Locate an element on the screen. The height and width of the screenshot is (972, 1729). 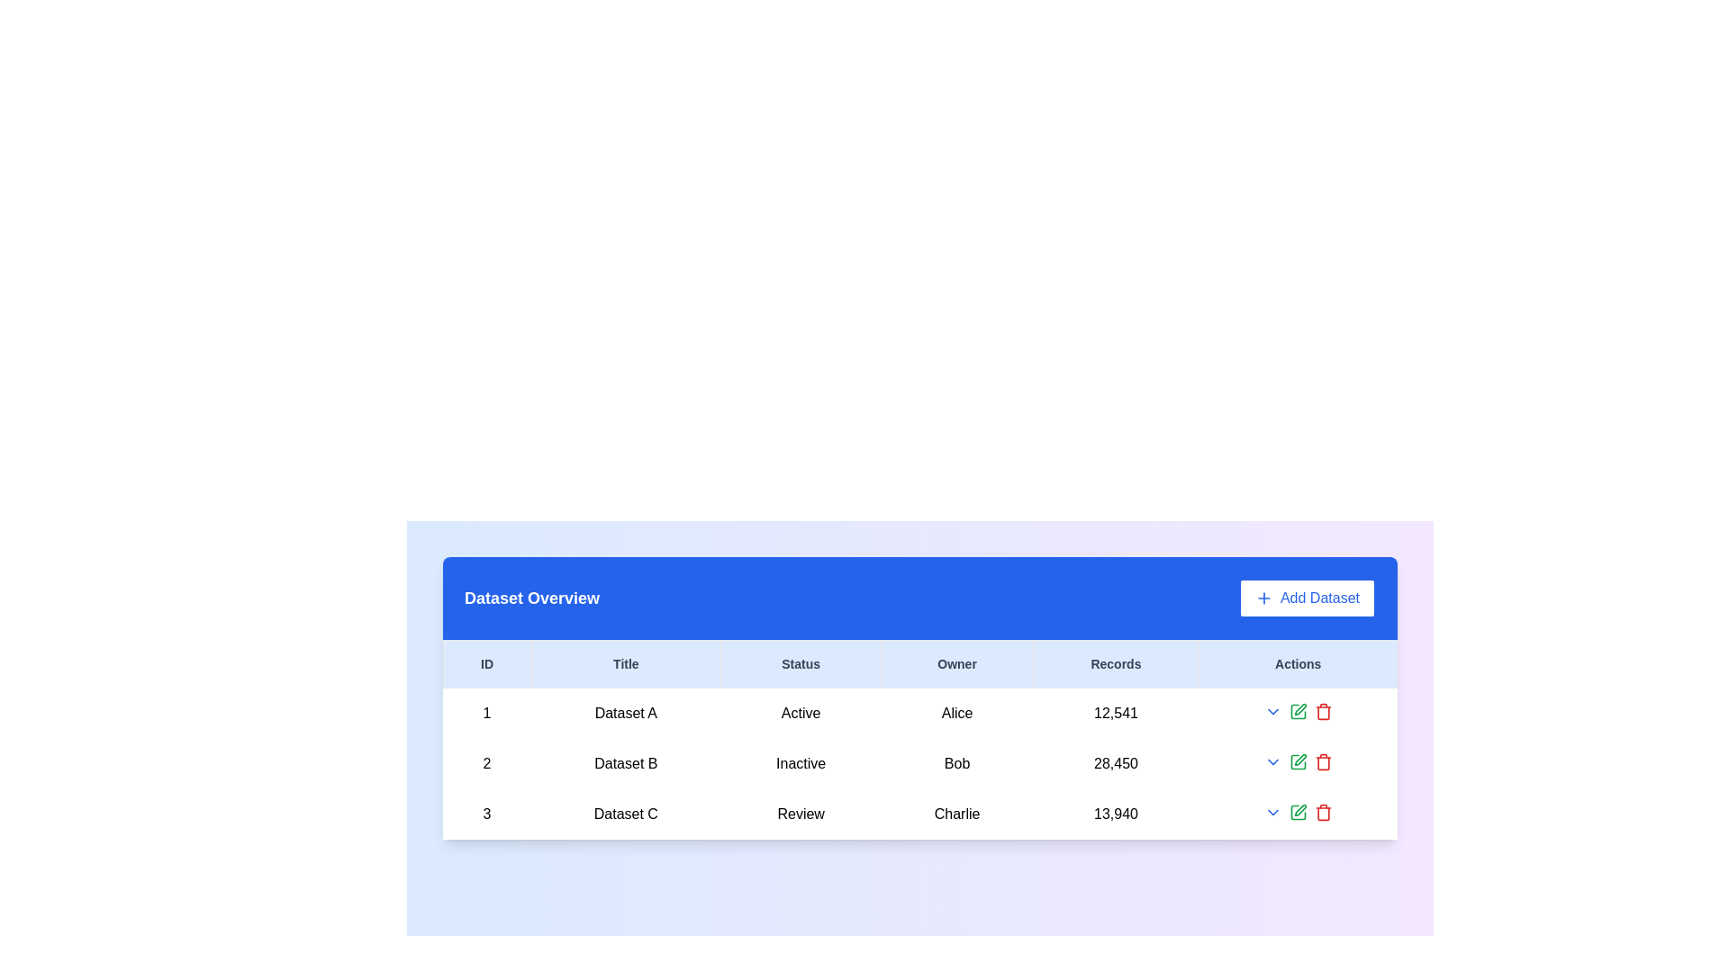
the Dropdown toggle button (small downward arrow icon styled in blue) located in the second row of the 'Actions' column in the table displaying dataset records is located at coordinates (1272, 762).